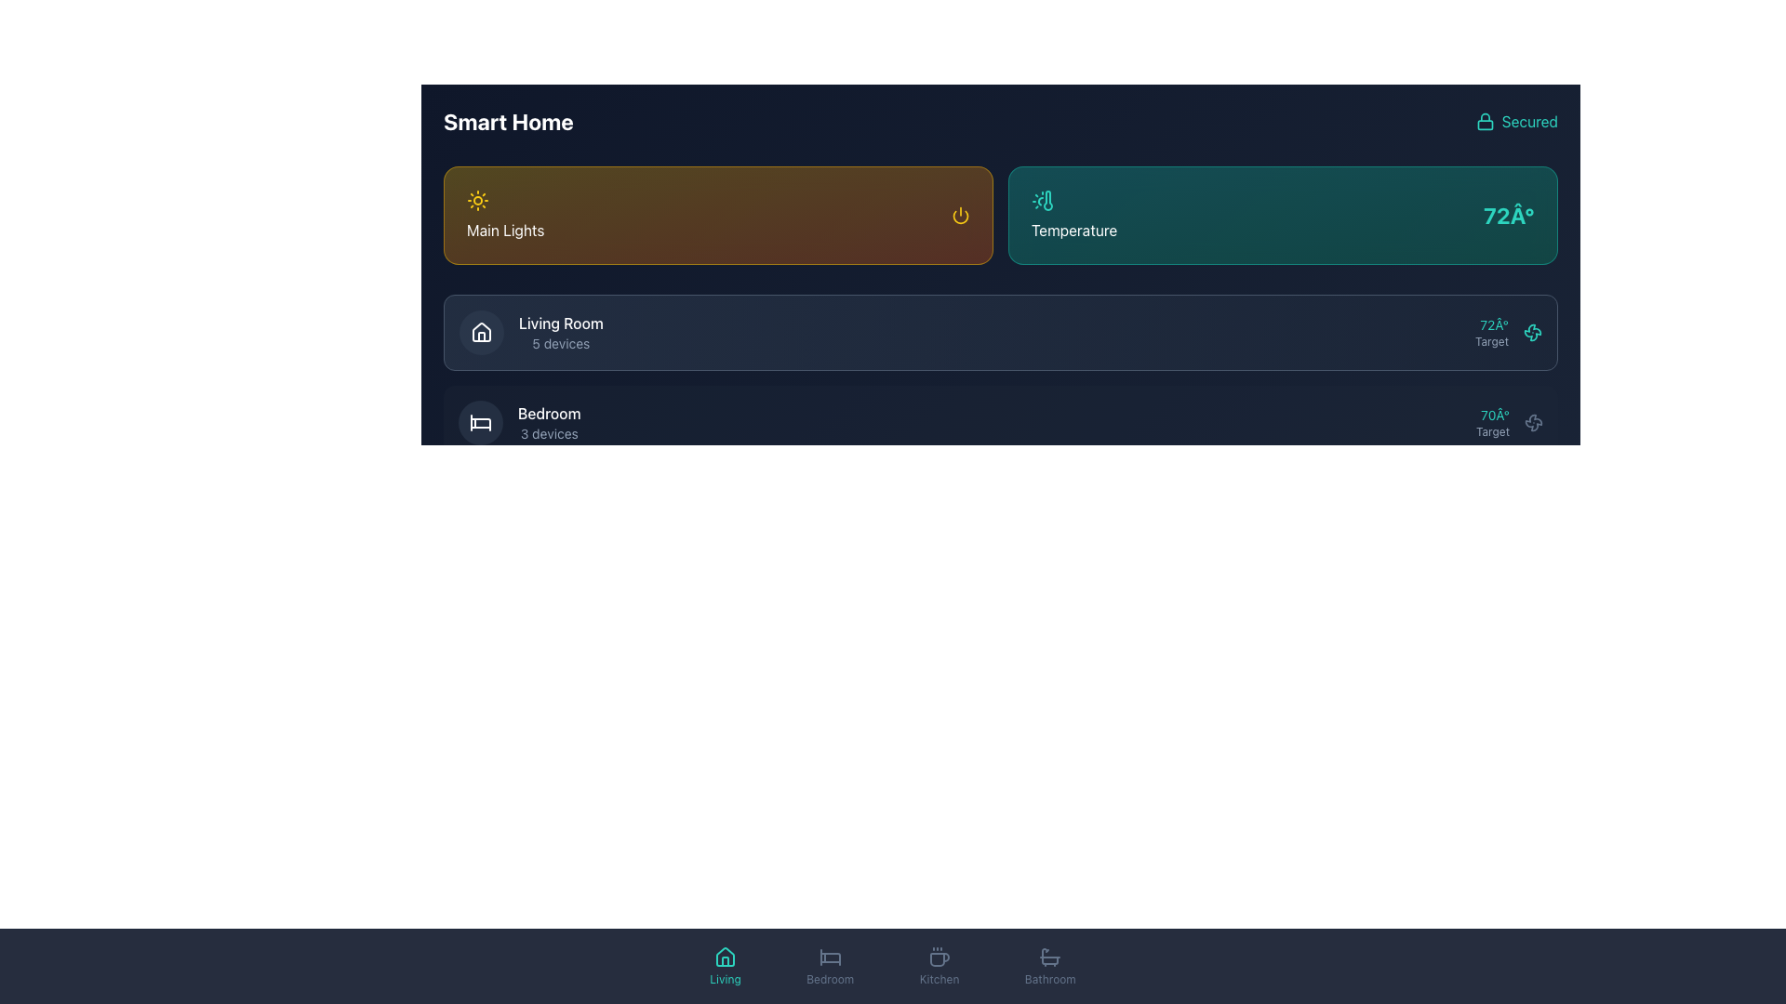 The width and height of the screenshot is (1786, 1004). I want to click on the temperature target, so click(1425, 423).